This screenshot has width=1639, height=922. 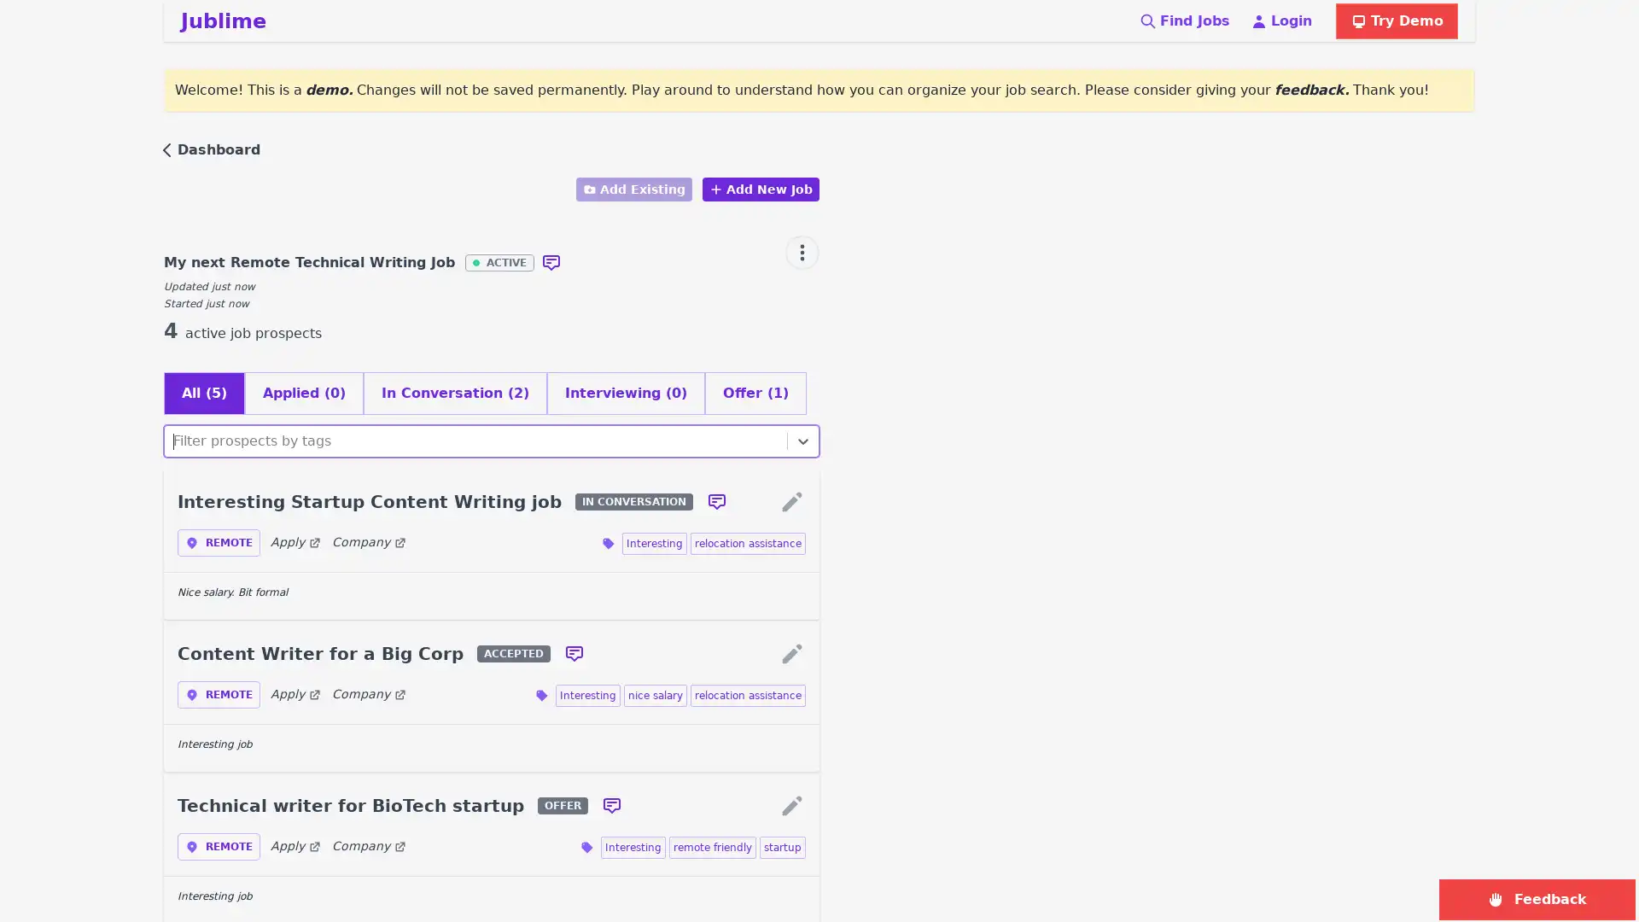 What do you see at coordinates (1183, 20) in the screenshot?
I see `Find Jobs` at bounding box center [1183, 20].